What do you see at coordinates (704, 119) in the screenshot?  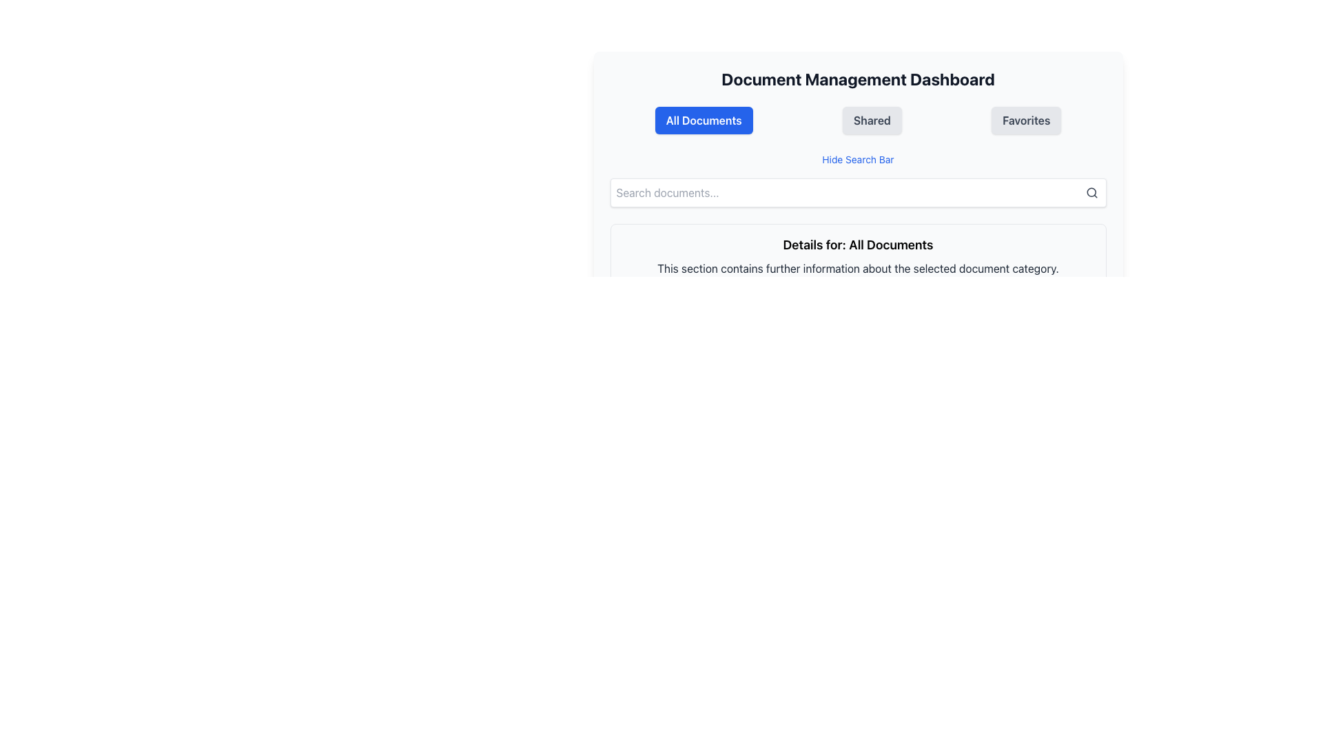 I see `the blue button with white text reading 'All Documents'` at bounding box center [704, 119].